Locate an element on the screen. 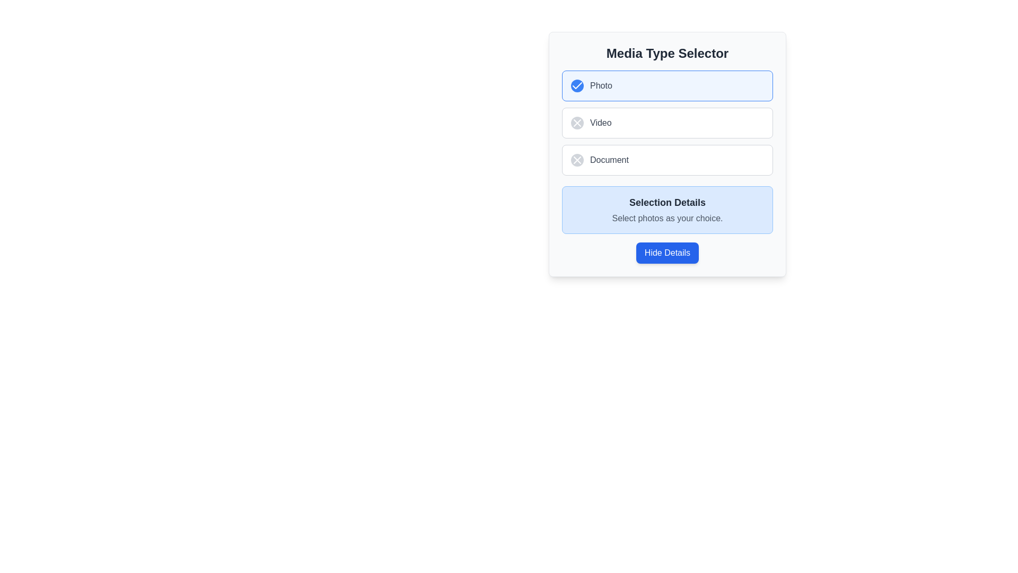 The image size is (1018, 573). the 'Document' radio button, which is the third option in a vertical group of radio buttons, to trigger a hover effect such as scaling or highlighting is located at coordinates (666, 160).